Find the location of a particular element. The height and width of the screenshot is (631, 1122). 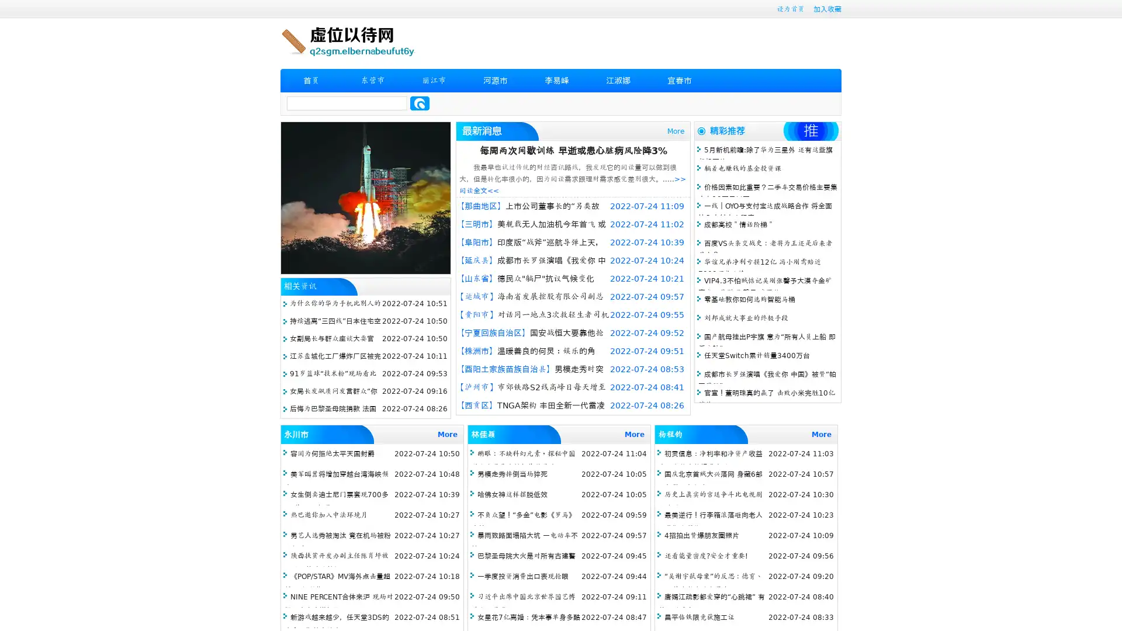

Search is located at coordinates (420, 103).